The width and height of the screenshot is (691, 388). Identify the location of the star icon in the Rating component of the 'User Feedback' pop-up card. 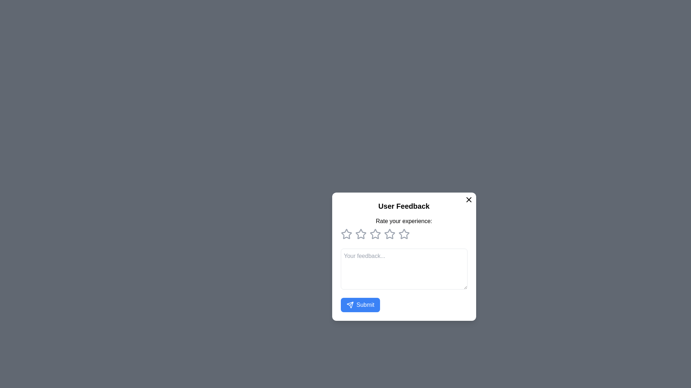
(404, 228).